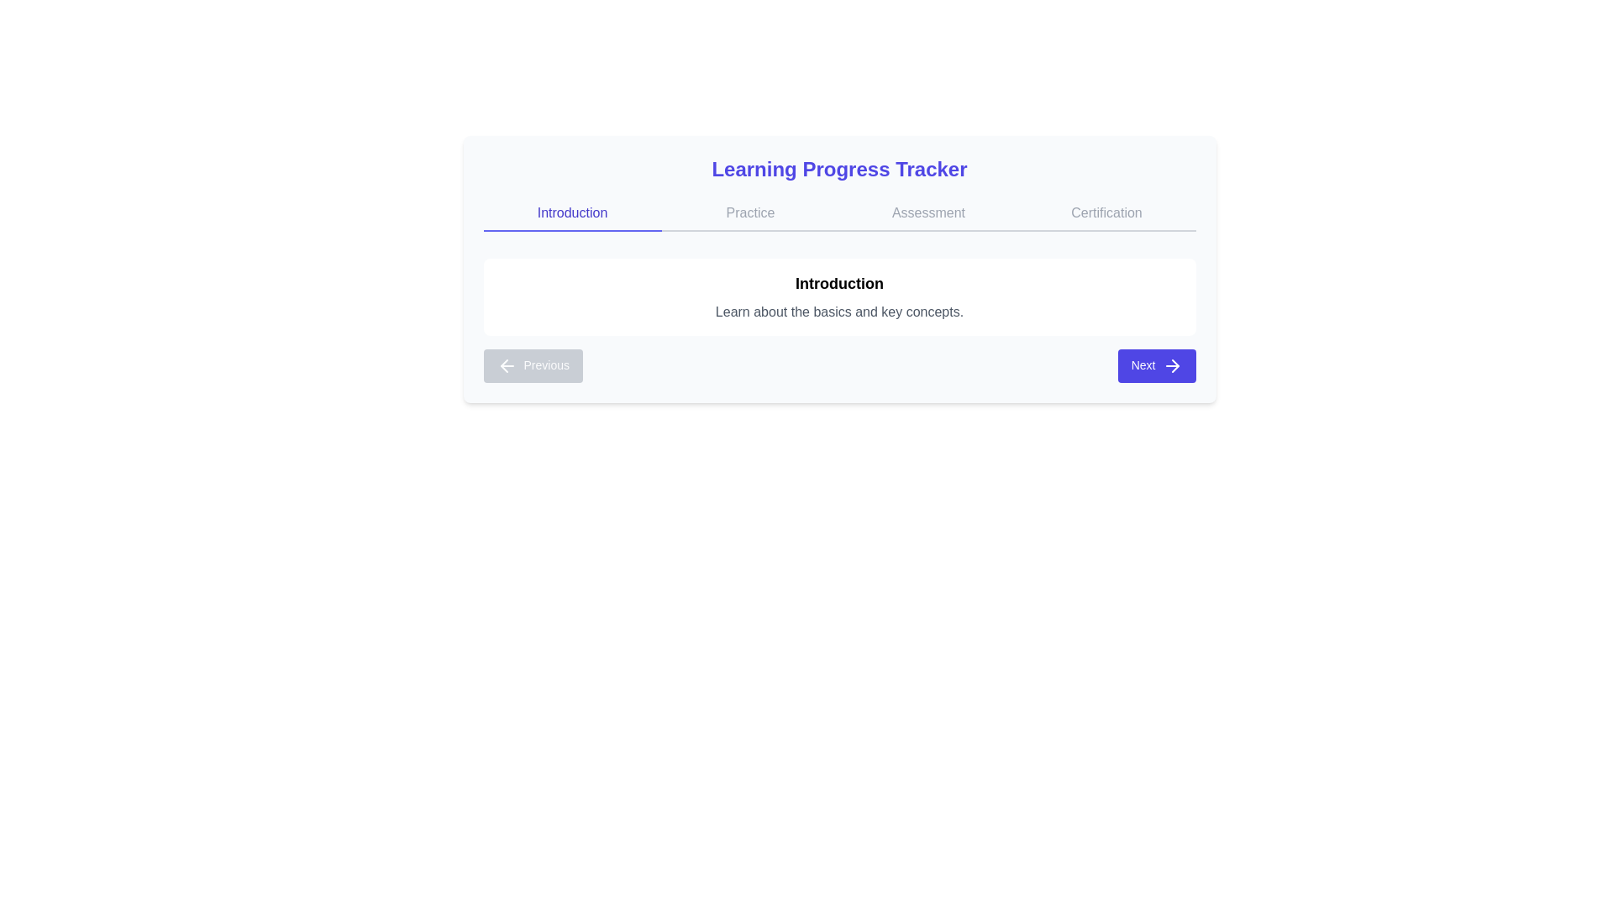  Describe the element at coordinates (1156, 364) in the screenshot. I see `the navigation button Next to move to the respective step` at that location.